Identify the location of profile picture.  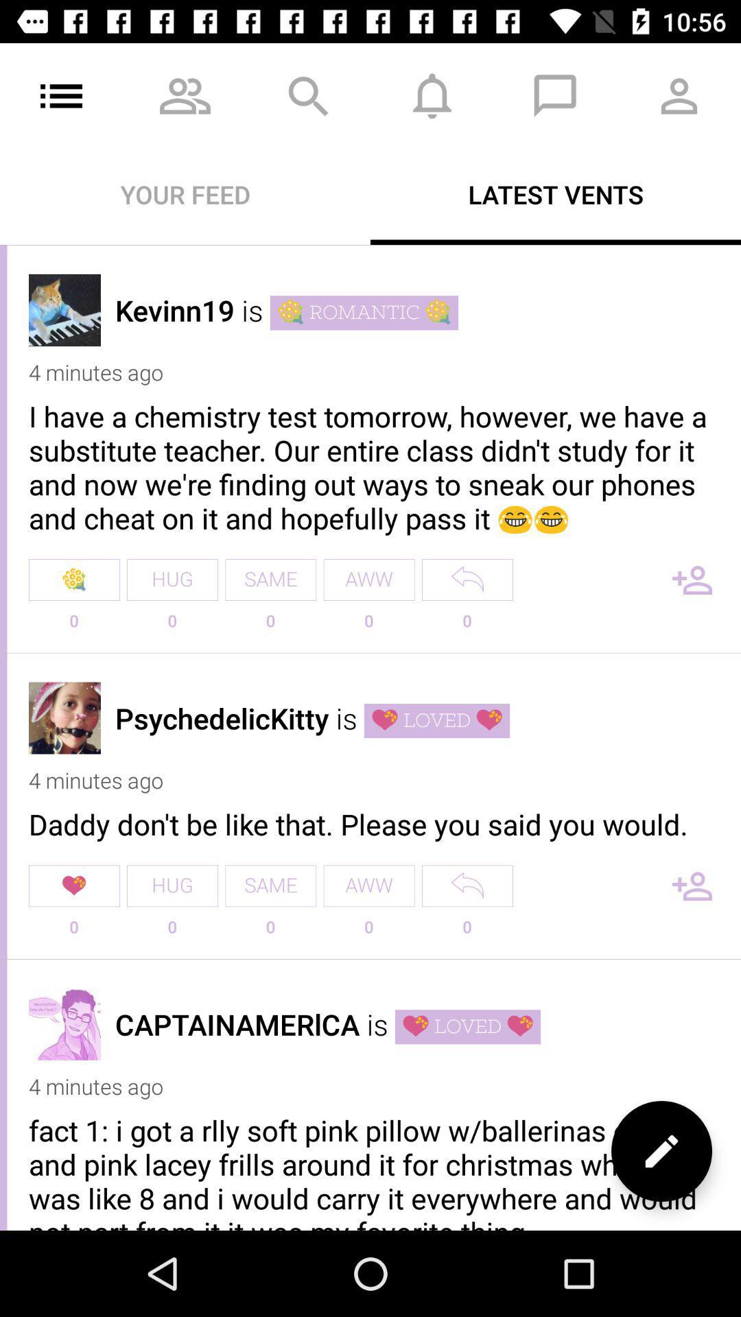
(64, 717).